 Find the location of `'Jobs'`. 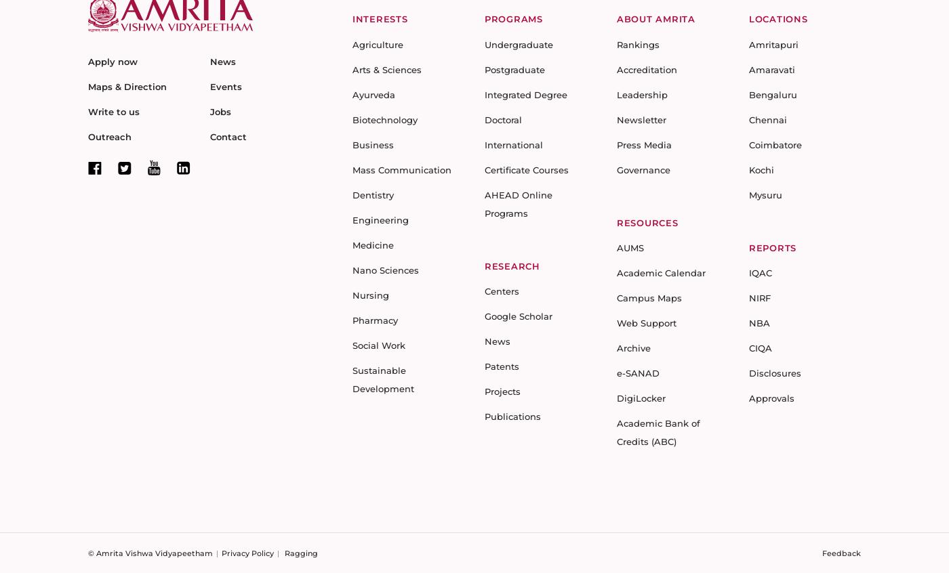

'Jobs' is located at coordinates (209, 110).